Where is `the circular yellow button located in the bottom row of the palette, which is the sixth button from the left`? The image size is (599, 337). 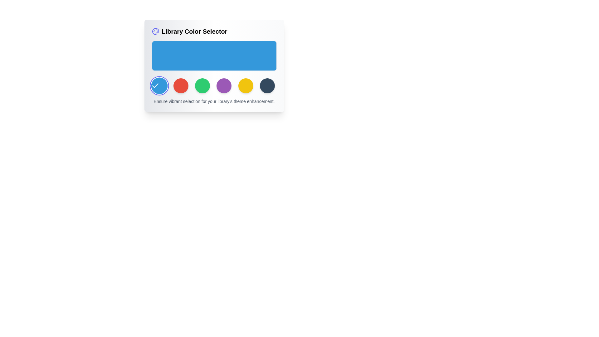
the circular yellow button located in the bottom row of the palette, which is the sixth button from the left is located at coordinates (245, 85).